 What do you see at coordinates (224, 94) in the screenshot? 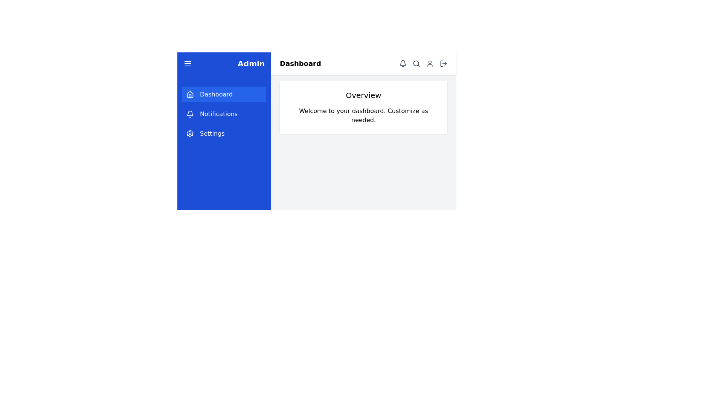
I see `the 'Dashboard' button with a blue background and rounded corners located in the left panel` at bounding box center [224, 94].